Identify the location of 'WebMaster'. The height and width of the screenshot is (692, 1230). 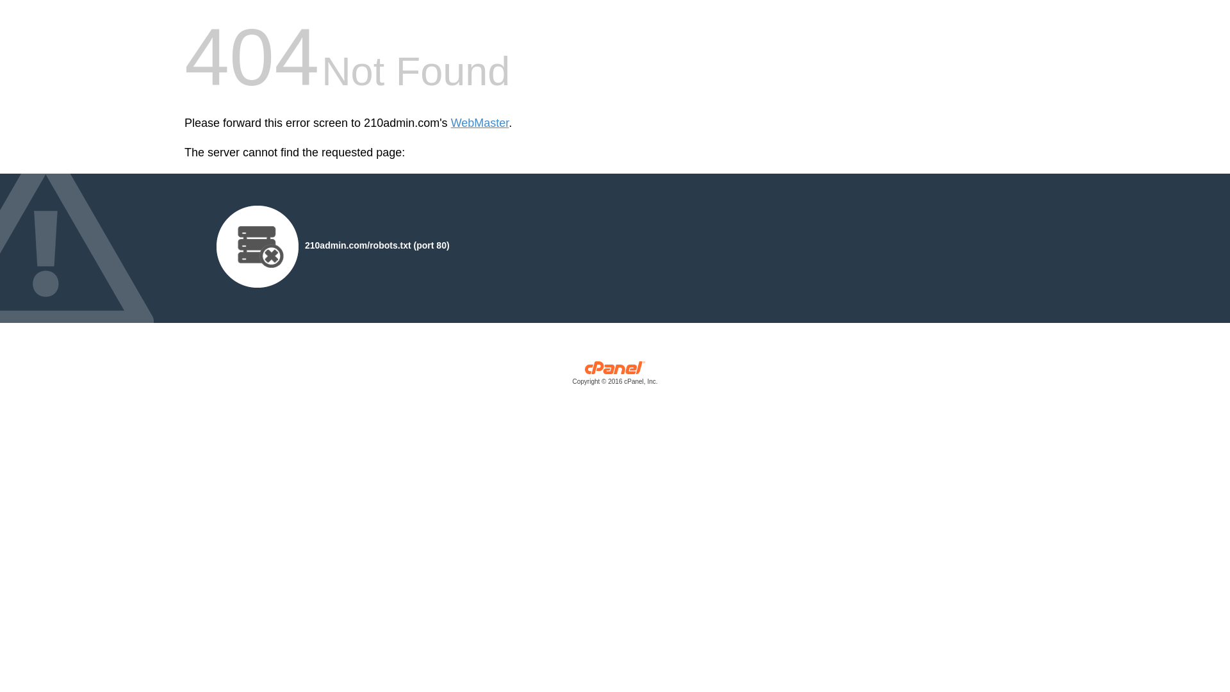
(479, 123).